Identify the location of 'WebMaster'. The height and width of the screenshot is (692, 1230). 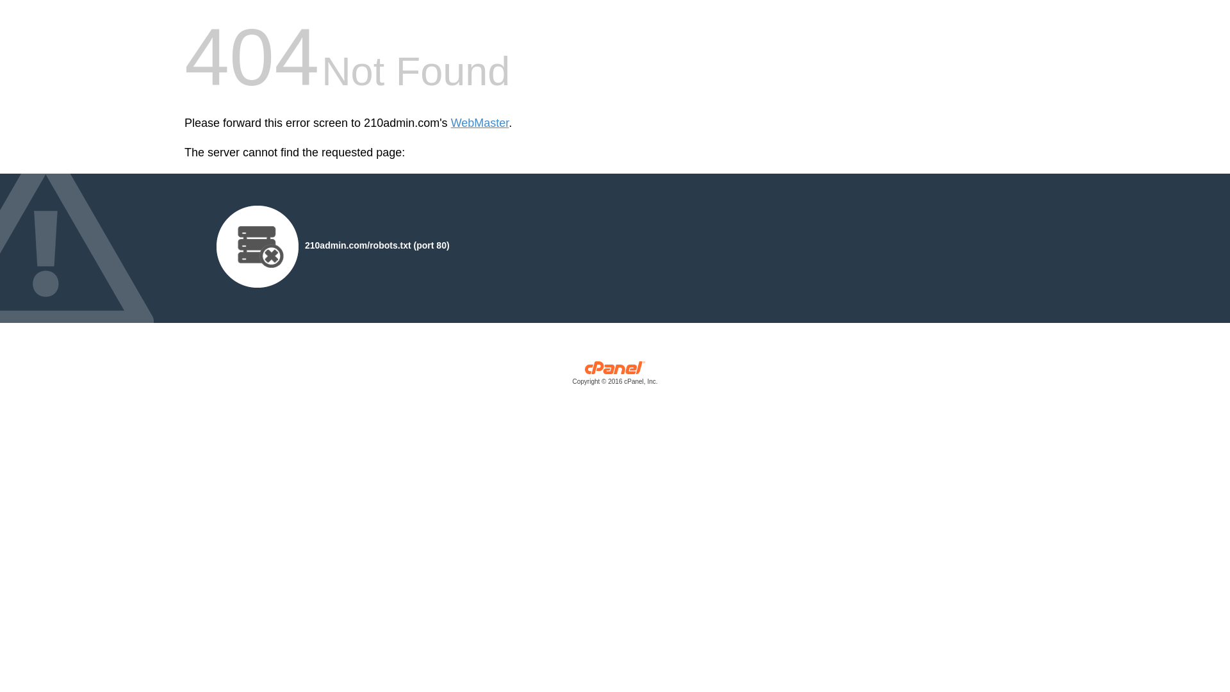
(479, 123).